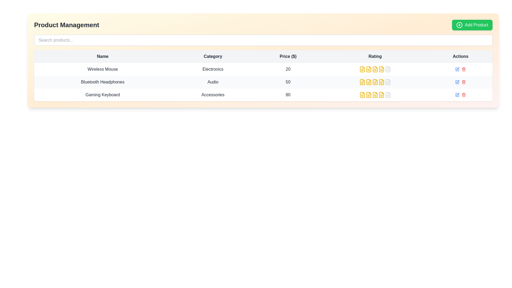 Image resolution: width=512 pixels, height=288 pixels. Describe the element at coordinates (459, 25) in the screenshot. I see `outer circle boundary of the 'Add Product' button symbol within the SVG element labeled with the class 'lucide lucide-circle-plus'` at that location.